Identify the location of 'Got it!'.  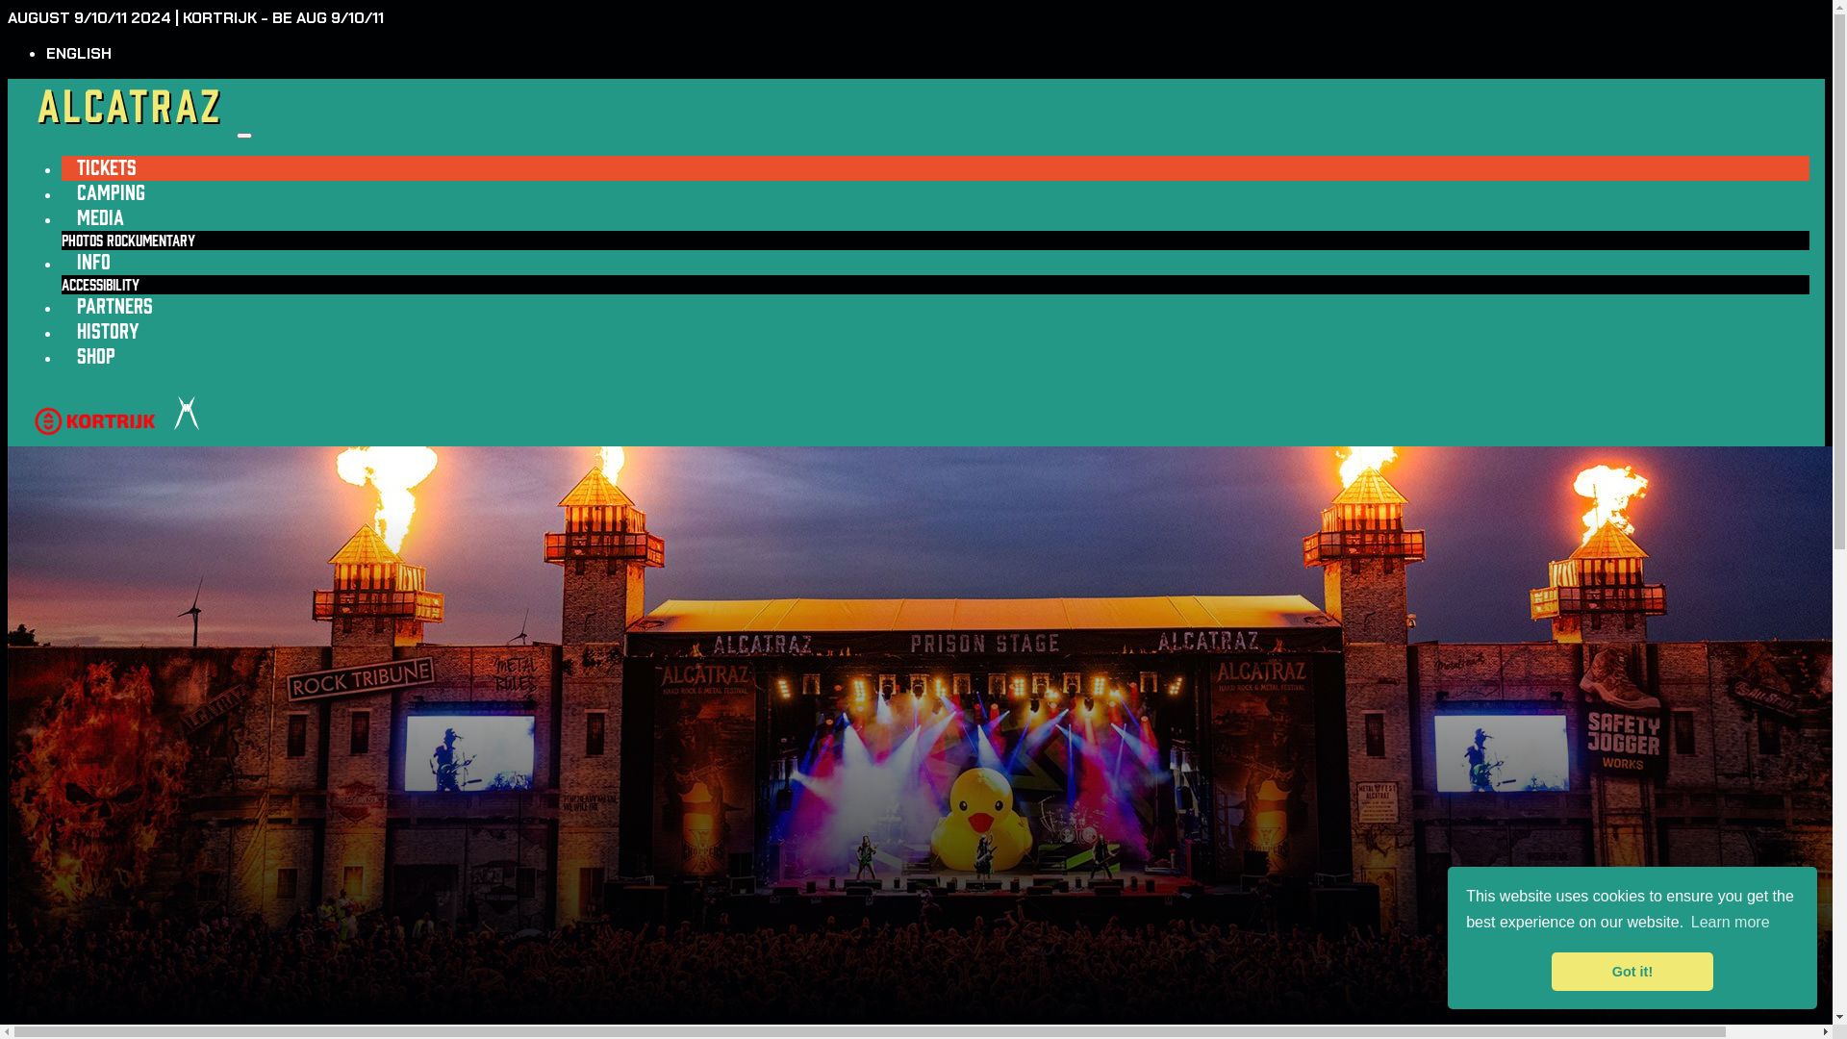
(1631, 972).